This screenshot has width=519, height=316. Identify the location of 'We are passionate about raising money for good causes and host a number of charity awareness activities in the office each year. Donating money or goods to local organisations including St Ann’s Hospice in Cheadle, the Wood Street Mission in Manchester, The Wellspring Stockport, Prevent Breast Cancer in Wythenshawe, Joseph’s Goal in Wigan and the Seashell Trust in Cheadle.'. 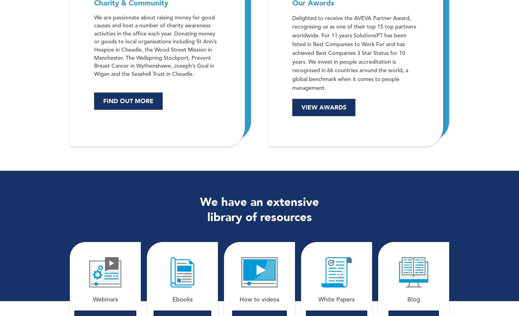
(155, 45).